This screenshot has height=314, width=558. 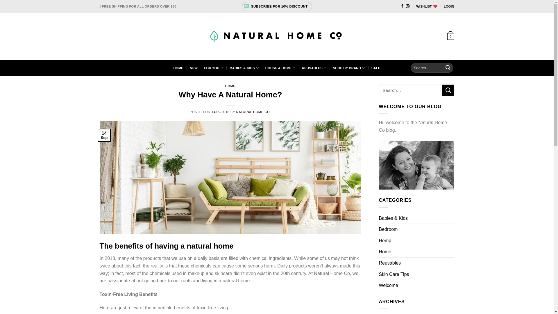 What do you see at coordinates (189, 68) in the screenshot?
I see `'NEW'` at bounding box center [189, 68].